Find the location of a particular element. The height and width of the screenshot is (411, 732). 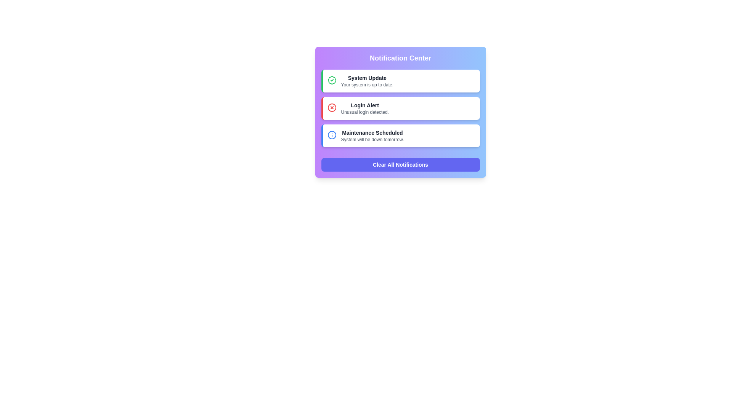

the 'Notification Center' heading, which is prominently displayed in bold white text with a gradient background from purple to blue, located at the top of the card is located at coordinates (400, 58).